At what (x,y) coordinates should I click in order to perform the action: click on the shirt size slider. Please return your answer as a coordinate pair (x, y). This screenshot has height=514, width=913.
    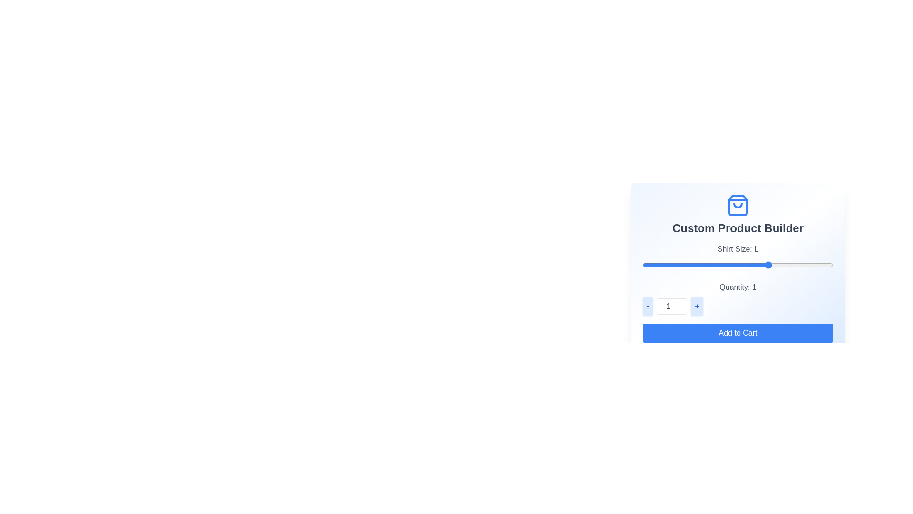
    Looking at the image, I should click on (769, 265).